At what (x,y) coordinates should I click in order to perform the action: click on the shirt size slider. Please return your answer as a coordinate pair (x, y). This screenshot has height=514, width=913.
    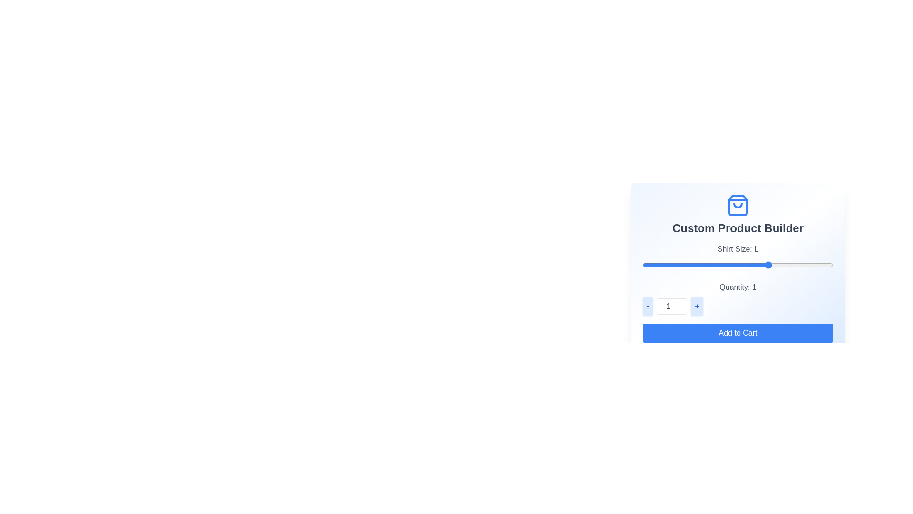
    Looking at the image, I should click on (769, 265).